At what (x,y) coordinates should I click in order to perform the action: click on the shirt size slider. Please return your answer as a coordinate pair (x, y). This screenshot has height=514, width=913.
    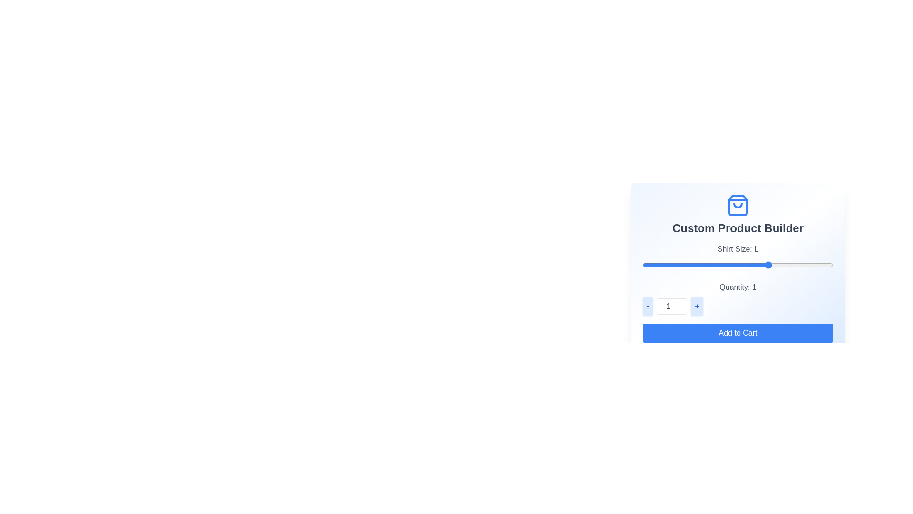
    Looking at the image, I should click on (769, 265).